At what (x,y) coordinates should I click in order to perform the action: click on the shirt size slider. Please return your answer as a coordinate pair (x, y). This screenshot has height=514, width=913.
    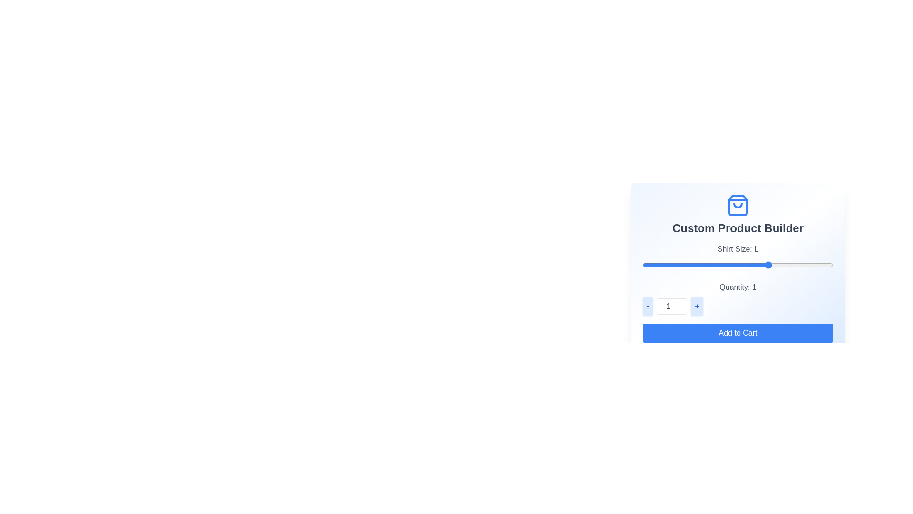
    Looking at the image, I should click on (769, 265).